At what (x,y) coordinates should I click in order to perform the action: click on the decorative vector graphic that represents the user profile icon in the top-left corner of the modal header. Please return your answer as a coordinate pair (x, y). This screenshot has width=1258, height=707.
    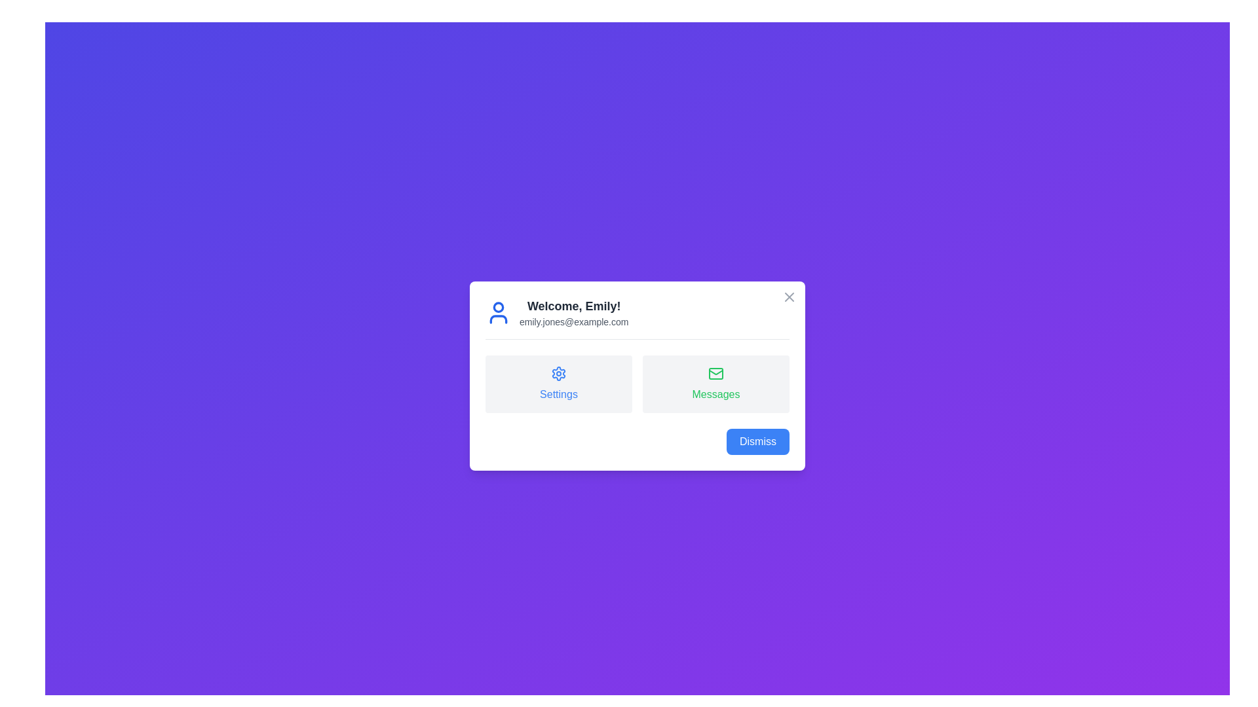
    Looking at the image, I should click on (498, 319).